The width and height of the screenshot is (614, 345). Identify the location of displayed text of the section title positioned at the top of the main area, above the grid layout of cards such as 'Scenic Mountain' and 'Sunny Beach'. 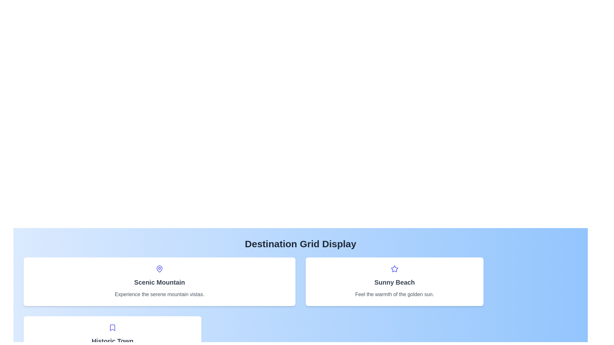
(300, 244).